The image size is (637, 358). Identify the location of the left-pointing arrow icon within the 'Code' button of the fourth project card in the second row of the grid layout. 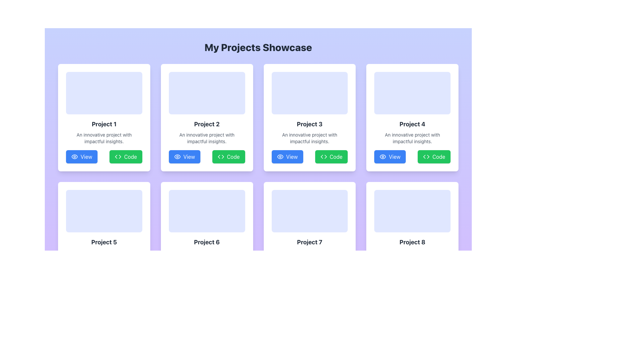
(424, 157).